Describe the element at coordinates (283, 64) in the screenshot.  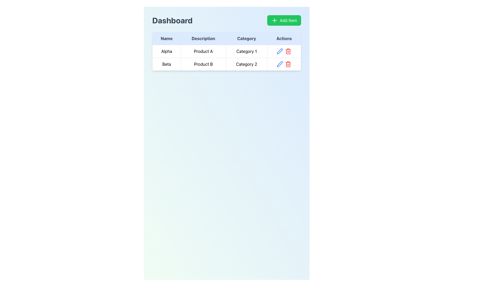
I see `the trash bin icon in the Actions column of the second row` at that location.